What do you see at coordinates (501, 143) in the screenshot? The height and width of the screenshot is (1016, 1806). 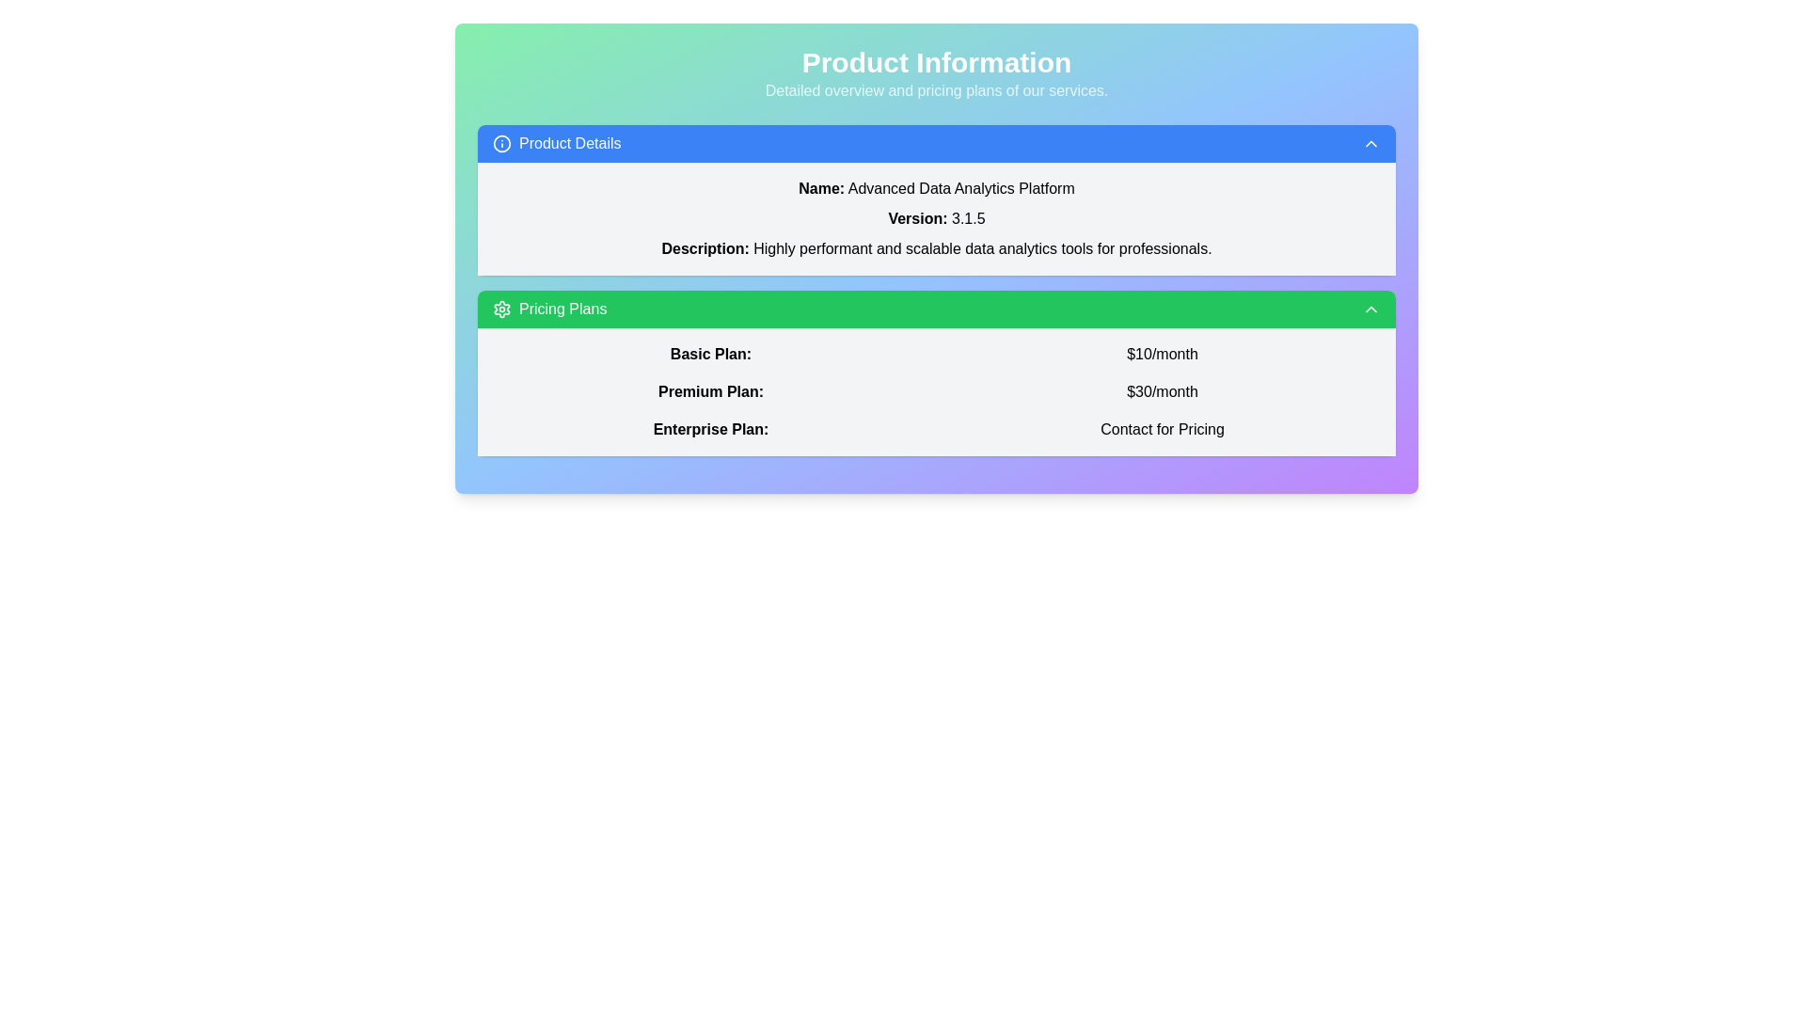 I see `the small SVG icon located to the left of the 'Product Details' text inside a blue rectangular box` at bounding box center [501, 143].